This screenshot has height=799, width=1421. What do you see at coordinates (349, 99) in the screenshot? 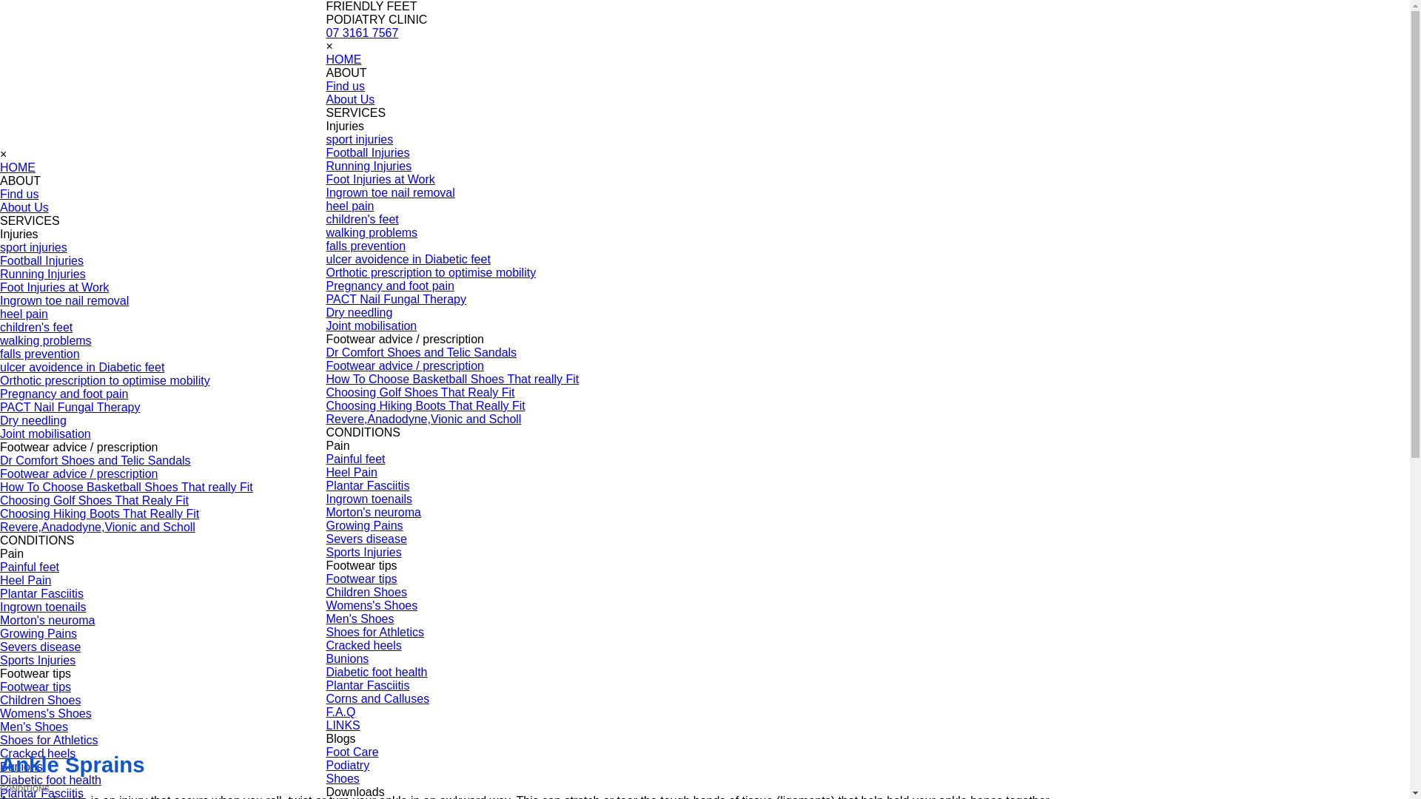
I see `'About Us'` at bounding box center [349, 99].